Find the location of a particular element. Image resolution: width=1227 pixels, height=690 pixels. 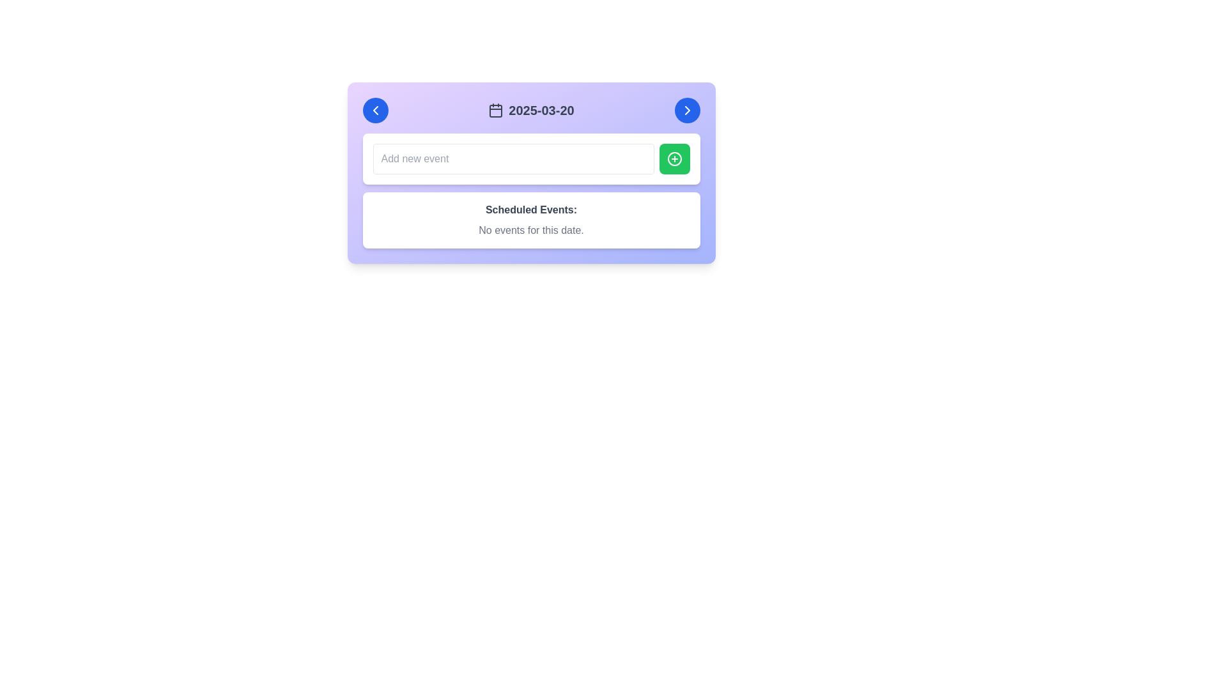

the rightward-pointing chevron arrow icon button, which is styled with rounded edges and placed within a blue circular button at the top-right corner of the card interface is located at coordinates (686, 110).